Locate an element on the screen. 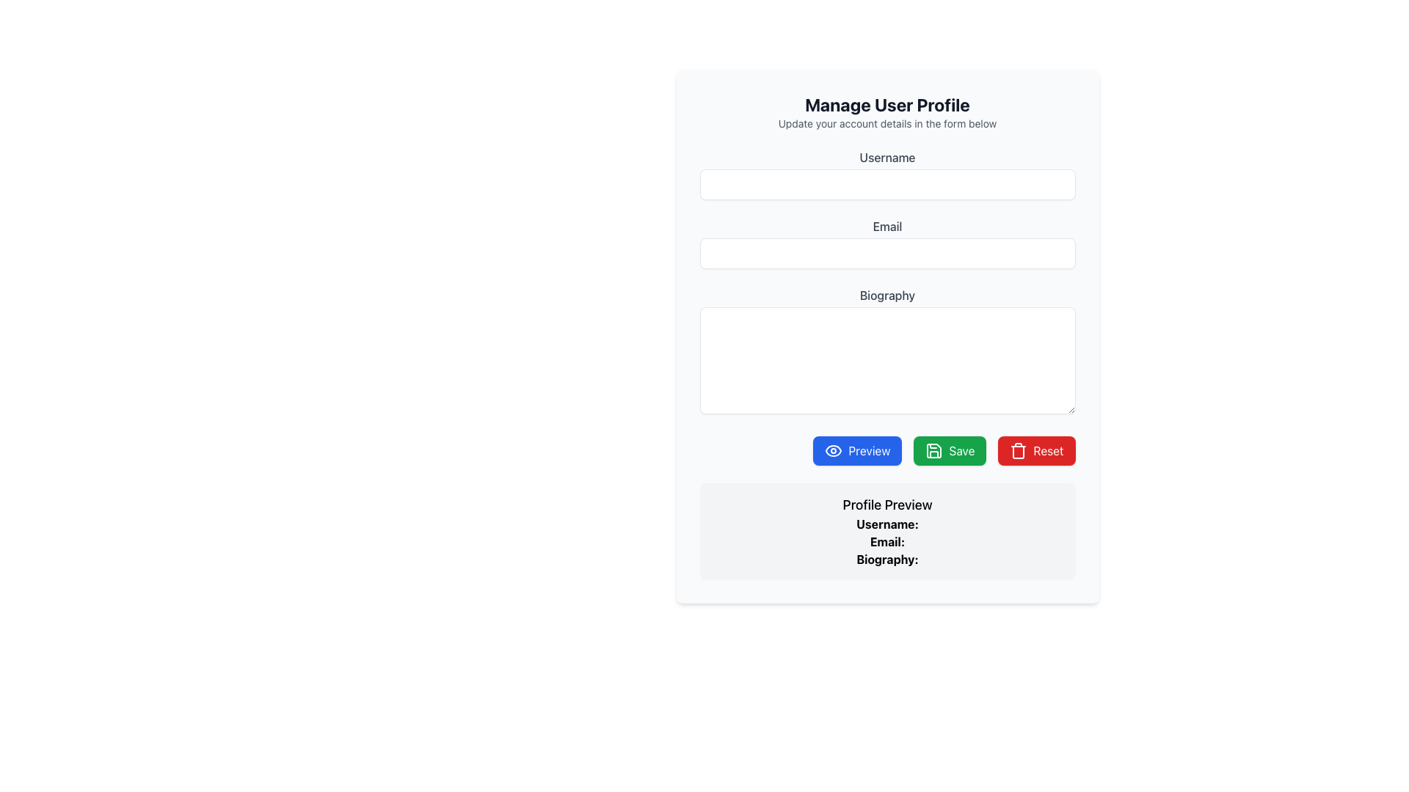 The height and width of the screenshot is (792, 1409). the text label indicating the preview action for the button, located to the right of the eye icon in the 'Preview' button group at the center bottom of the interface is located at coordinates (869, 450).